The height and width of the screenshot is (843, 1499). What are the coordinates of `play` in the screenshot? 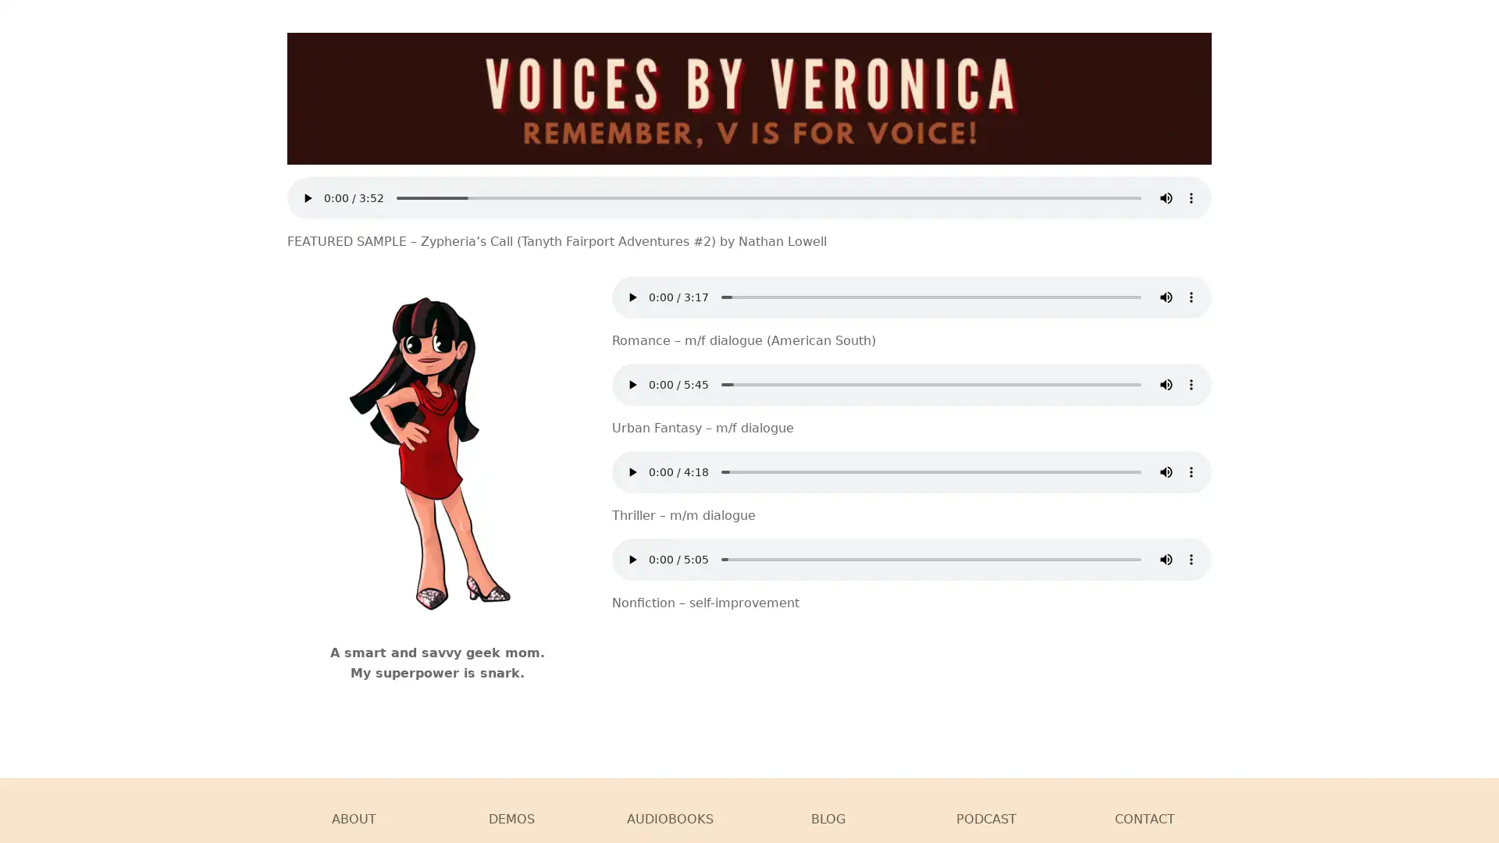 It's located at (632, 471).